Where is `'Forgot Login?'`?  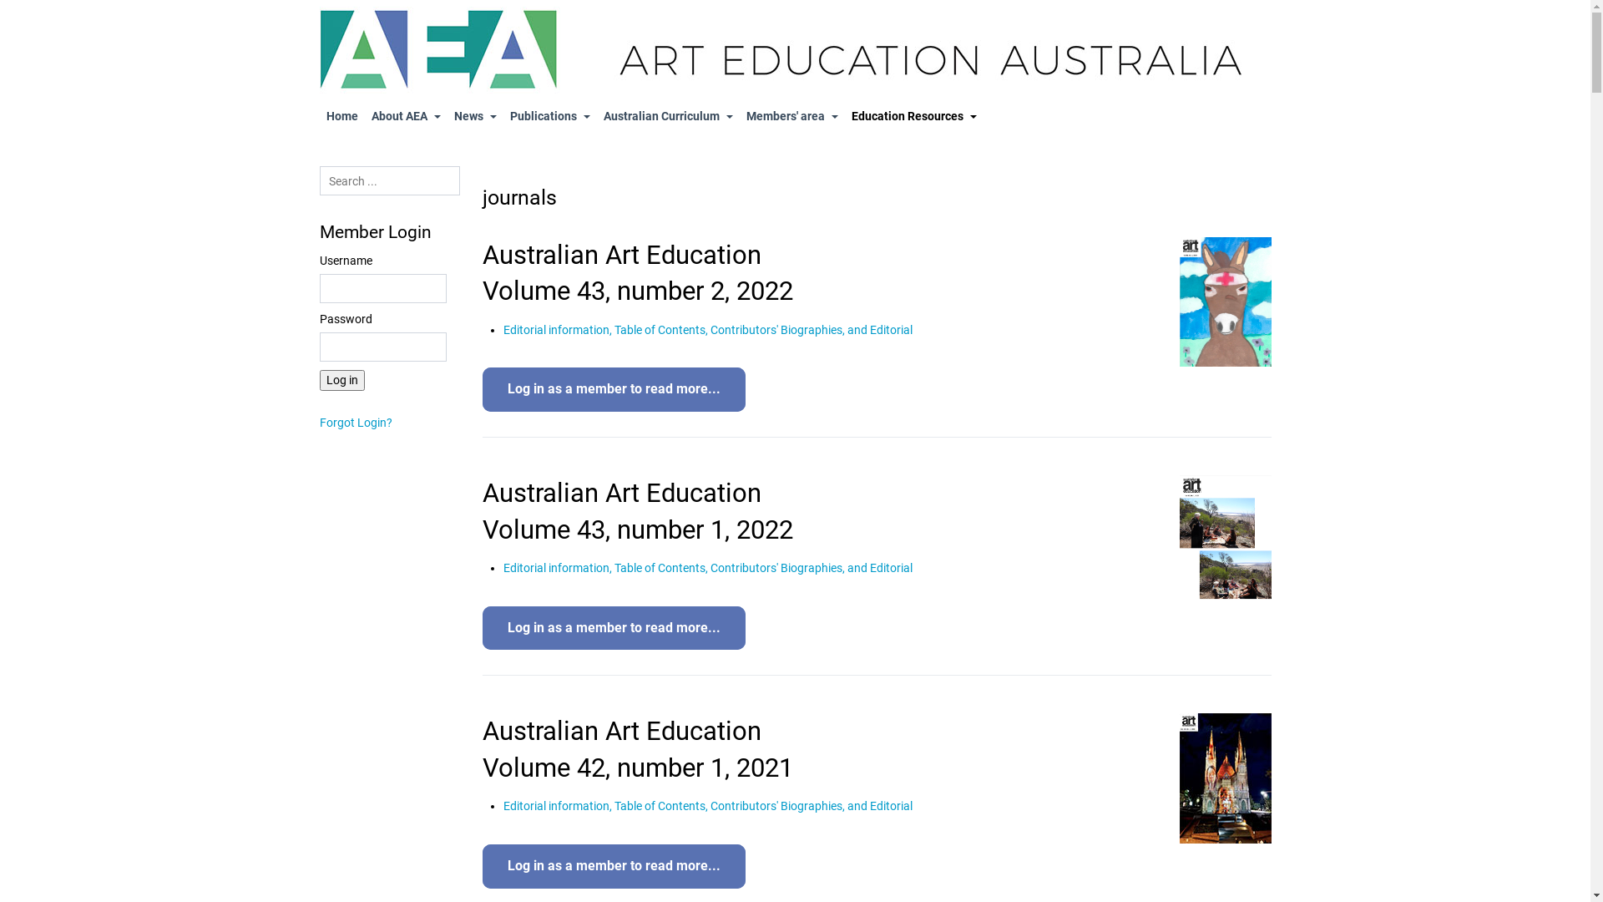
'Forgot Login?' is located at coordinates (319, 421).